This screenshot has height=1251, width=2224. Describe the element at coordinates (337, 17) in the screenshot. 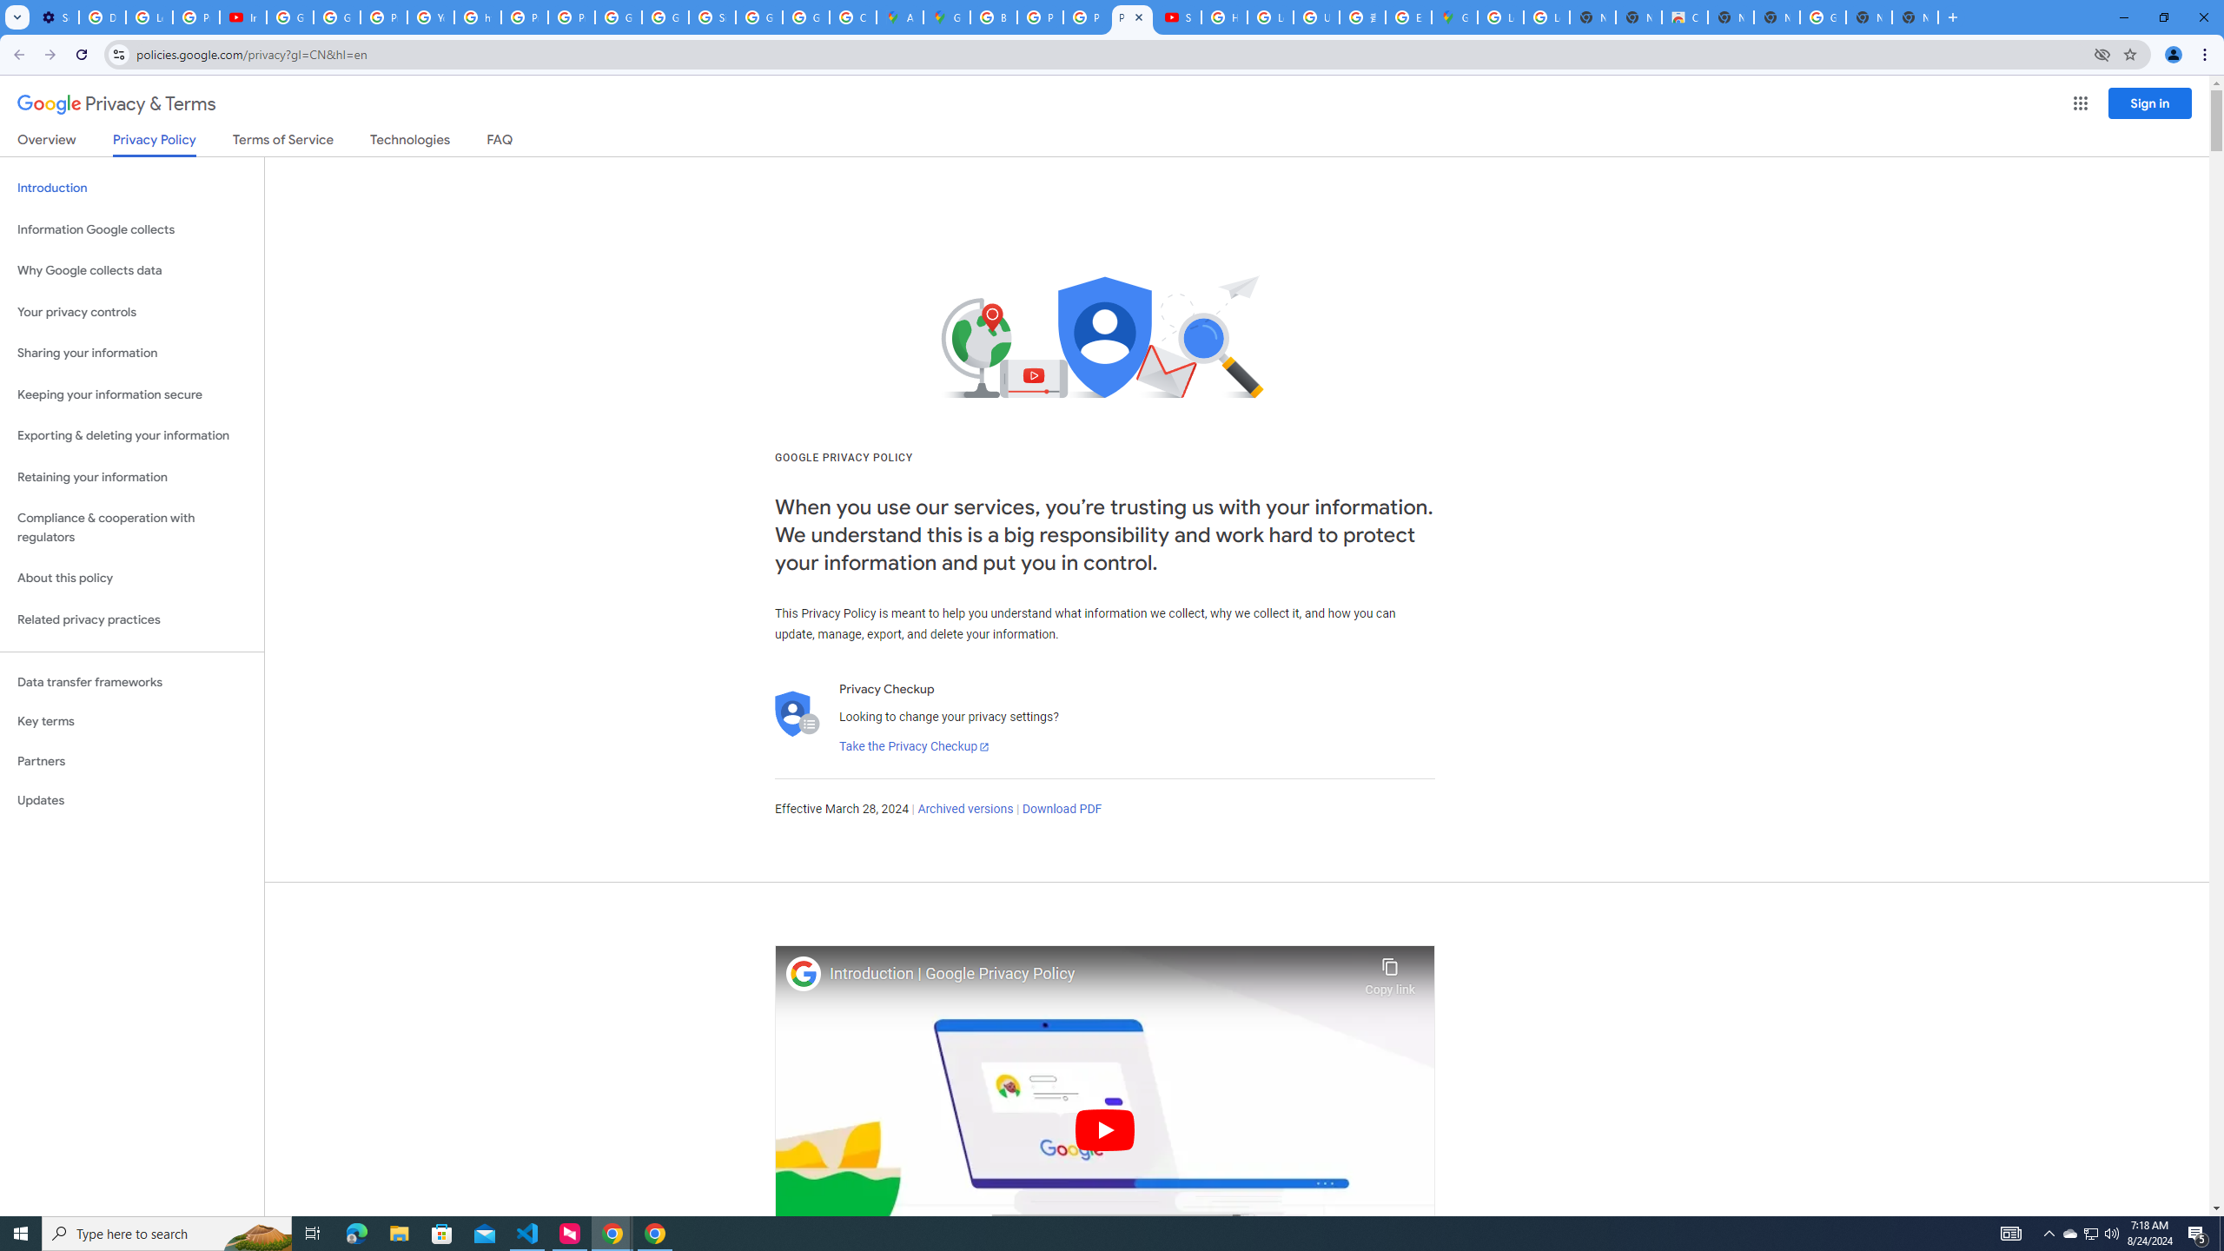

I see `'Google Account Help'` at that location.